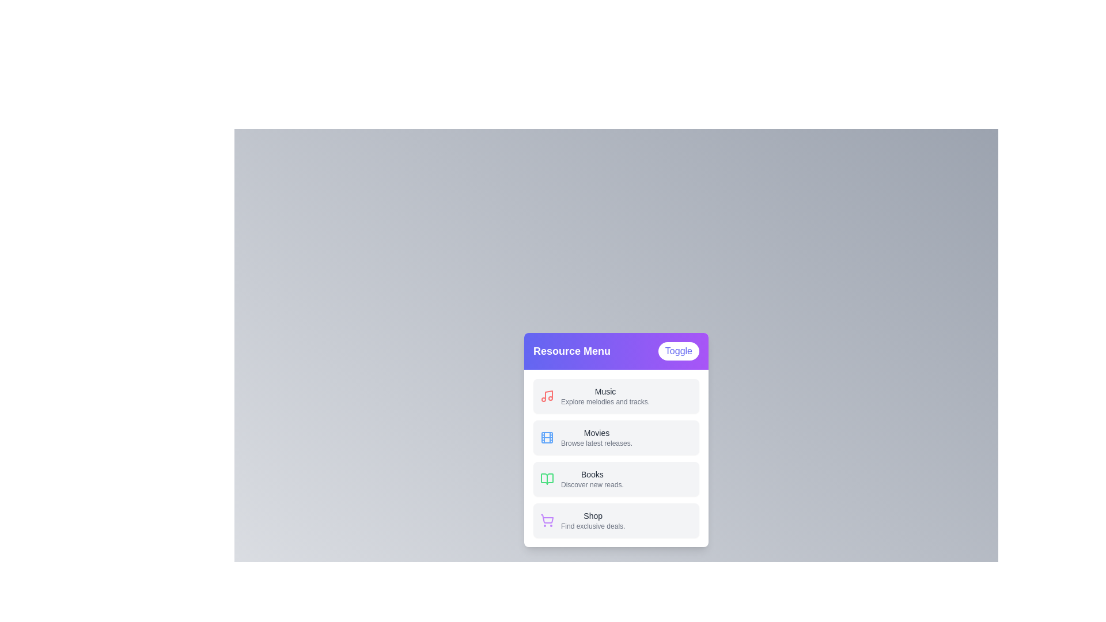 The width and height of the screenshot is (1106, 622). Describe the element at coordinates (616, 437) in the screenshot. I see `the menu item labeled Movies` at that location.